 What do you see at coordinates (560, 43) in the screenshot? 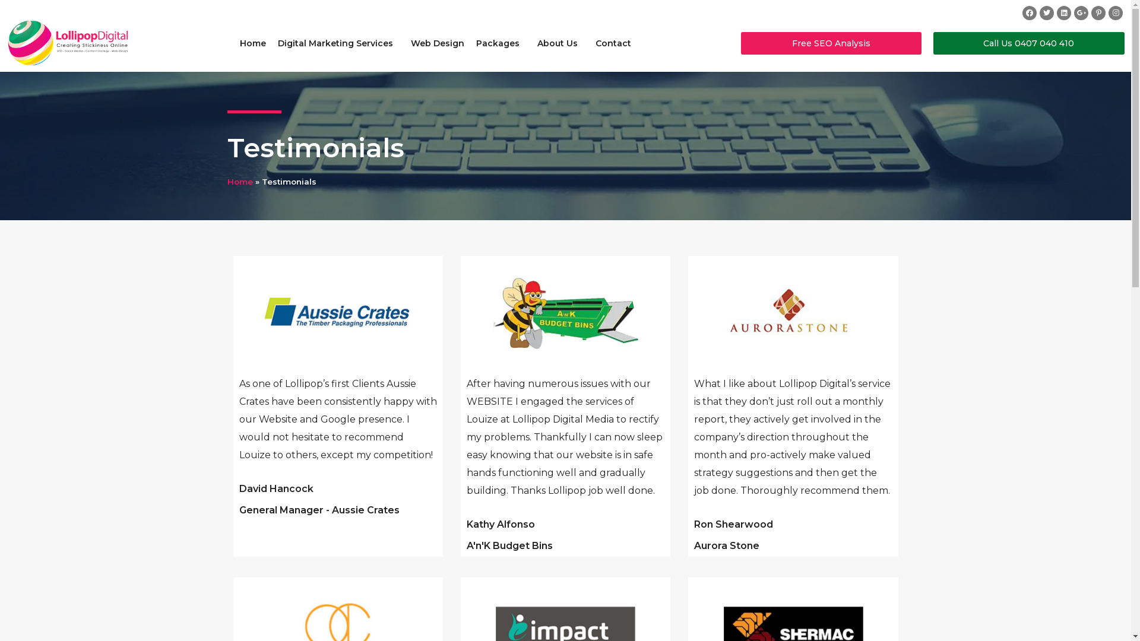
I see `'About Us'` at bounding box center [560, 43].